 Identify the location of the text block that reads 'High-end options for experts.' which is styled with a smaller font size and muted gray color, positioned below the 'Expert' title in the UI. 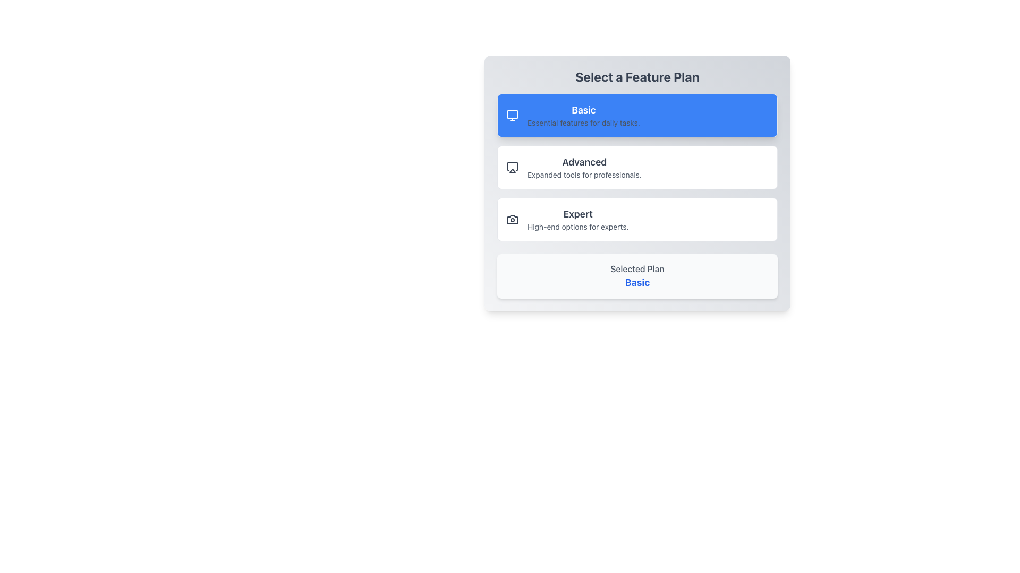
(577, 227).